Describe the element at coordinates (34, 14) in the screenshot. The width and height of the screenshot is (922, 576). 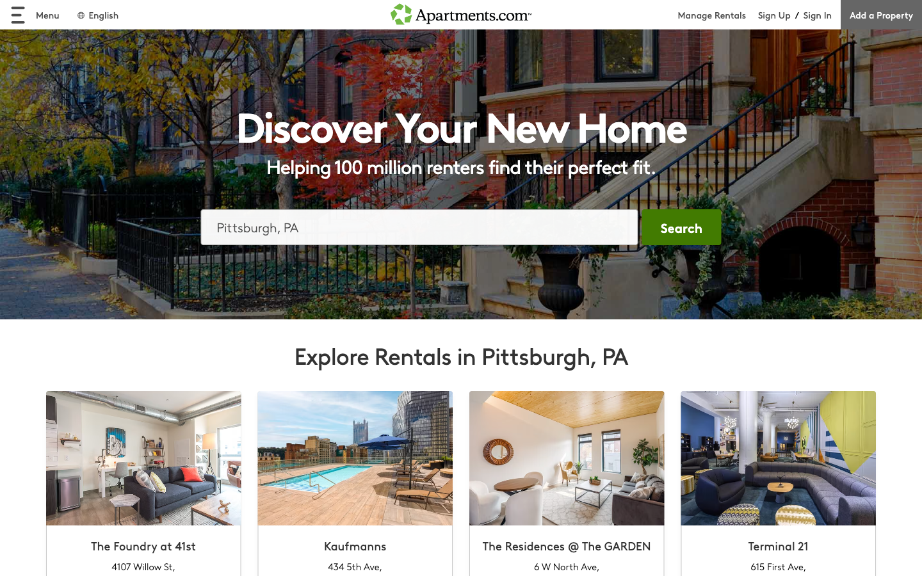
I see `display dropdown menu` at that location.